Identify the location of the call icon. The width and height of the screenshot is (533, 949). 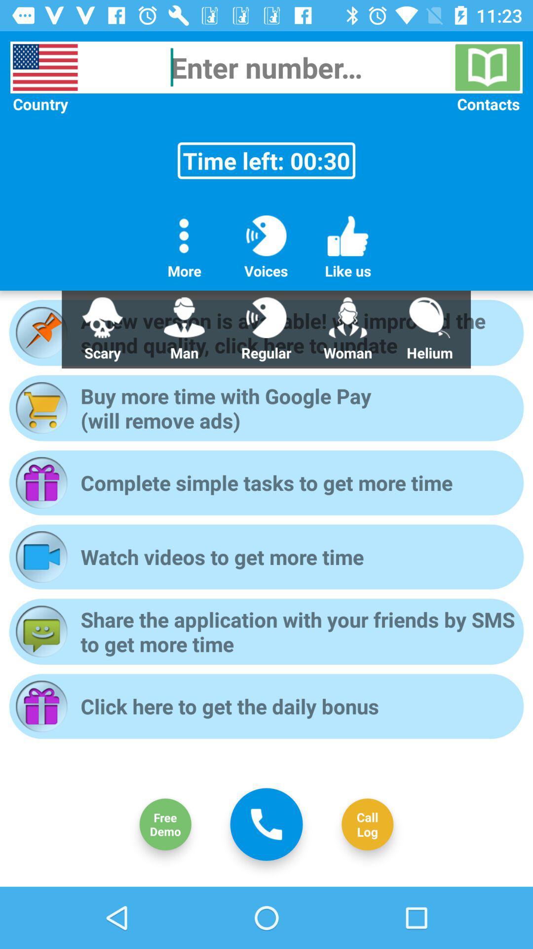
(266, 824).